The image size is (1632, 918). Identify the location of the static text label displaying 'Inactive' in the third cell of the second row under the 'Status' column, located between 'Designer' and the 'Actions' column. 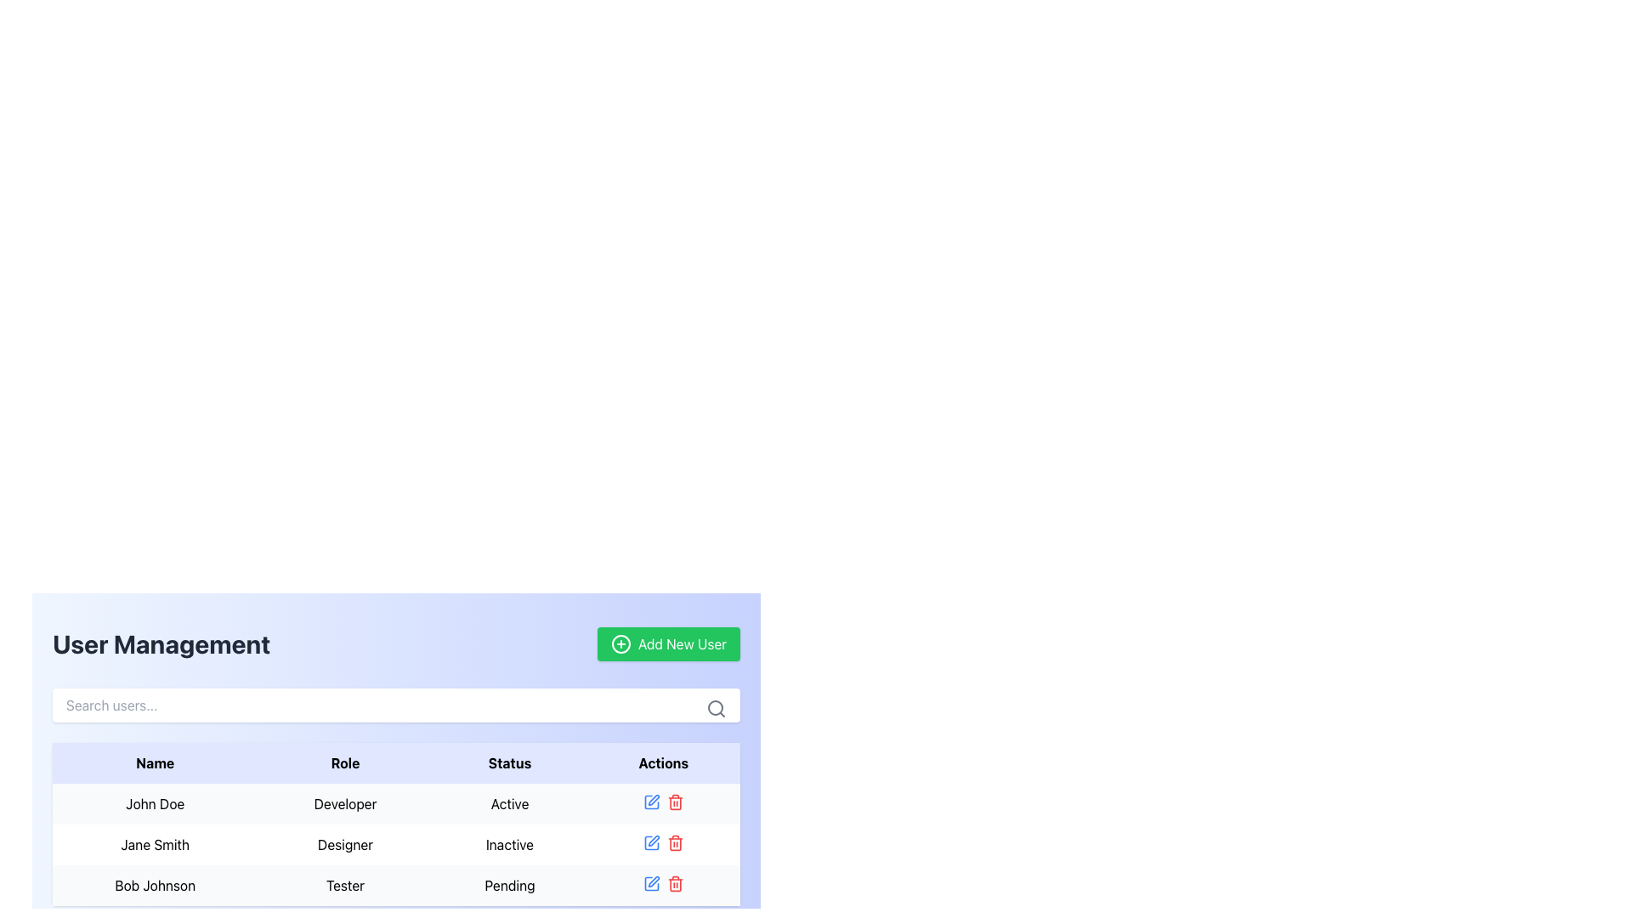
(509, 845).